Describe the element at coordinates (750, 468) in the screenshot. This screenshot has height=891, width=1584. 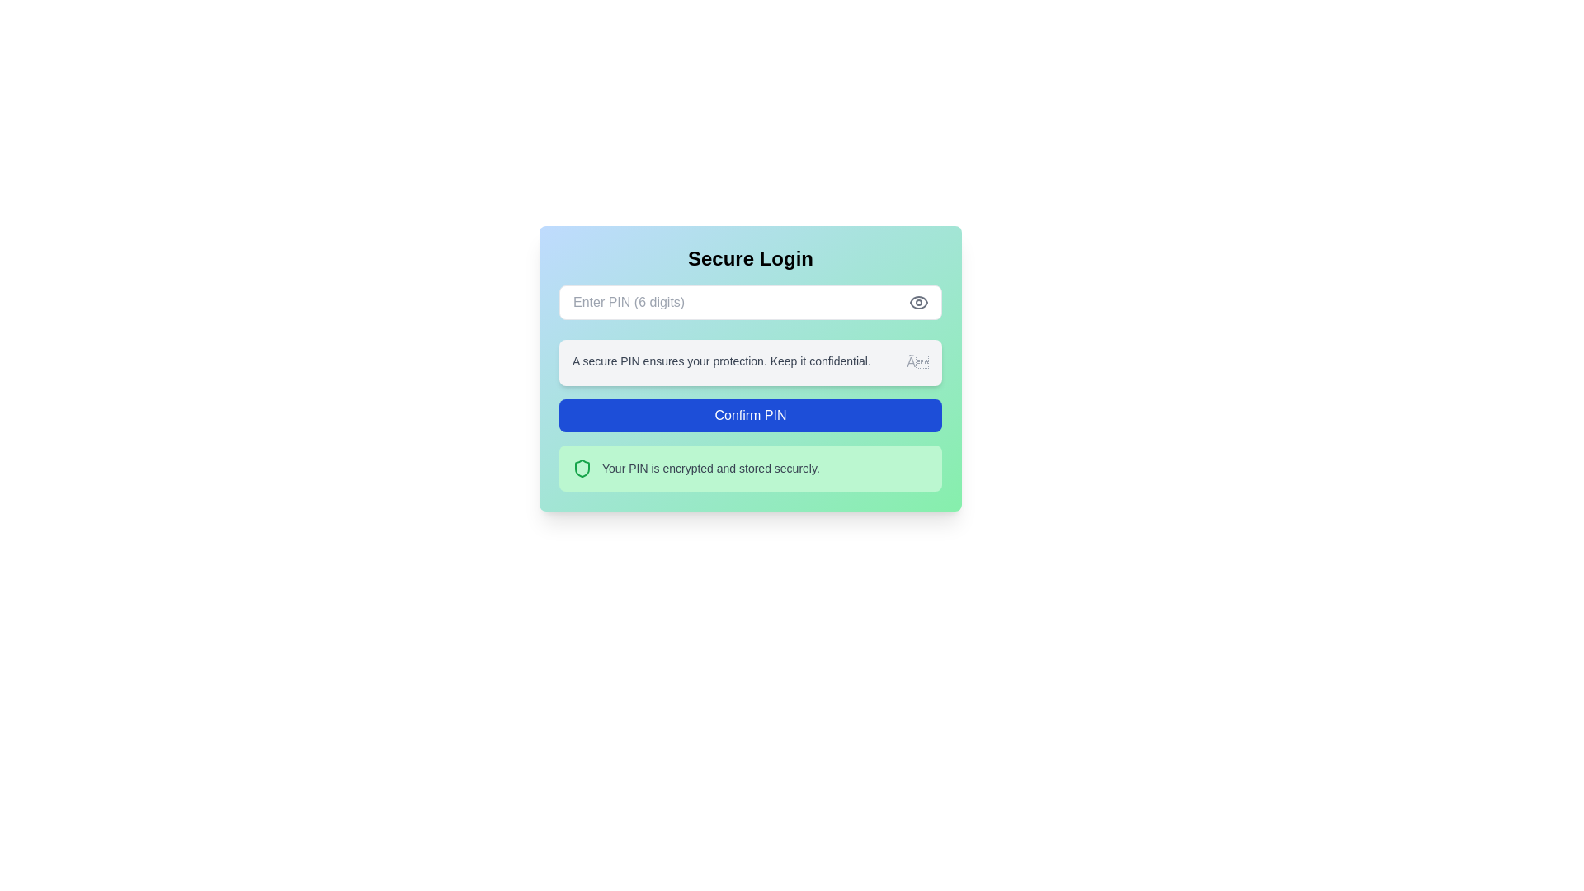
I see `the informational message box that has a green background and rounded corners, featuring a shield icon and the text 'Your PIN is encrypted and stored securely.'` at that location.